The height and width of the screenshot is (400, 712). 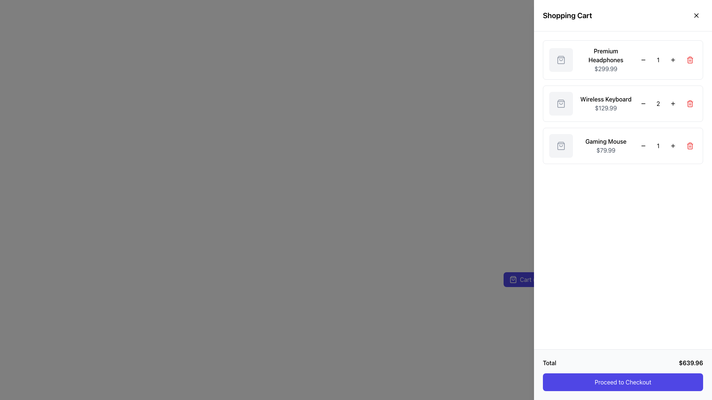 What do you see at coordinates (525, 280) in the screenshot?
I see `the shopping cart button located near the top-left corner of the shopping cart pane` at bounding box center [525, 280].